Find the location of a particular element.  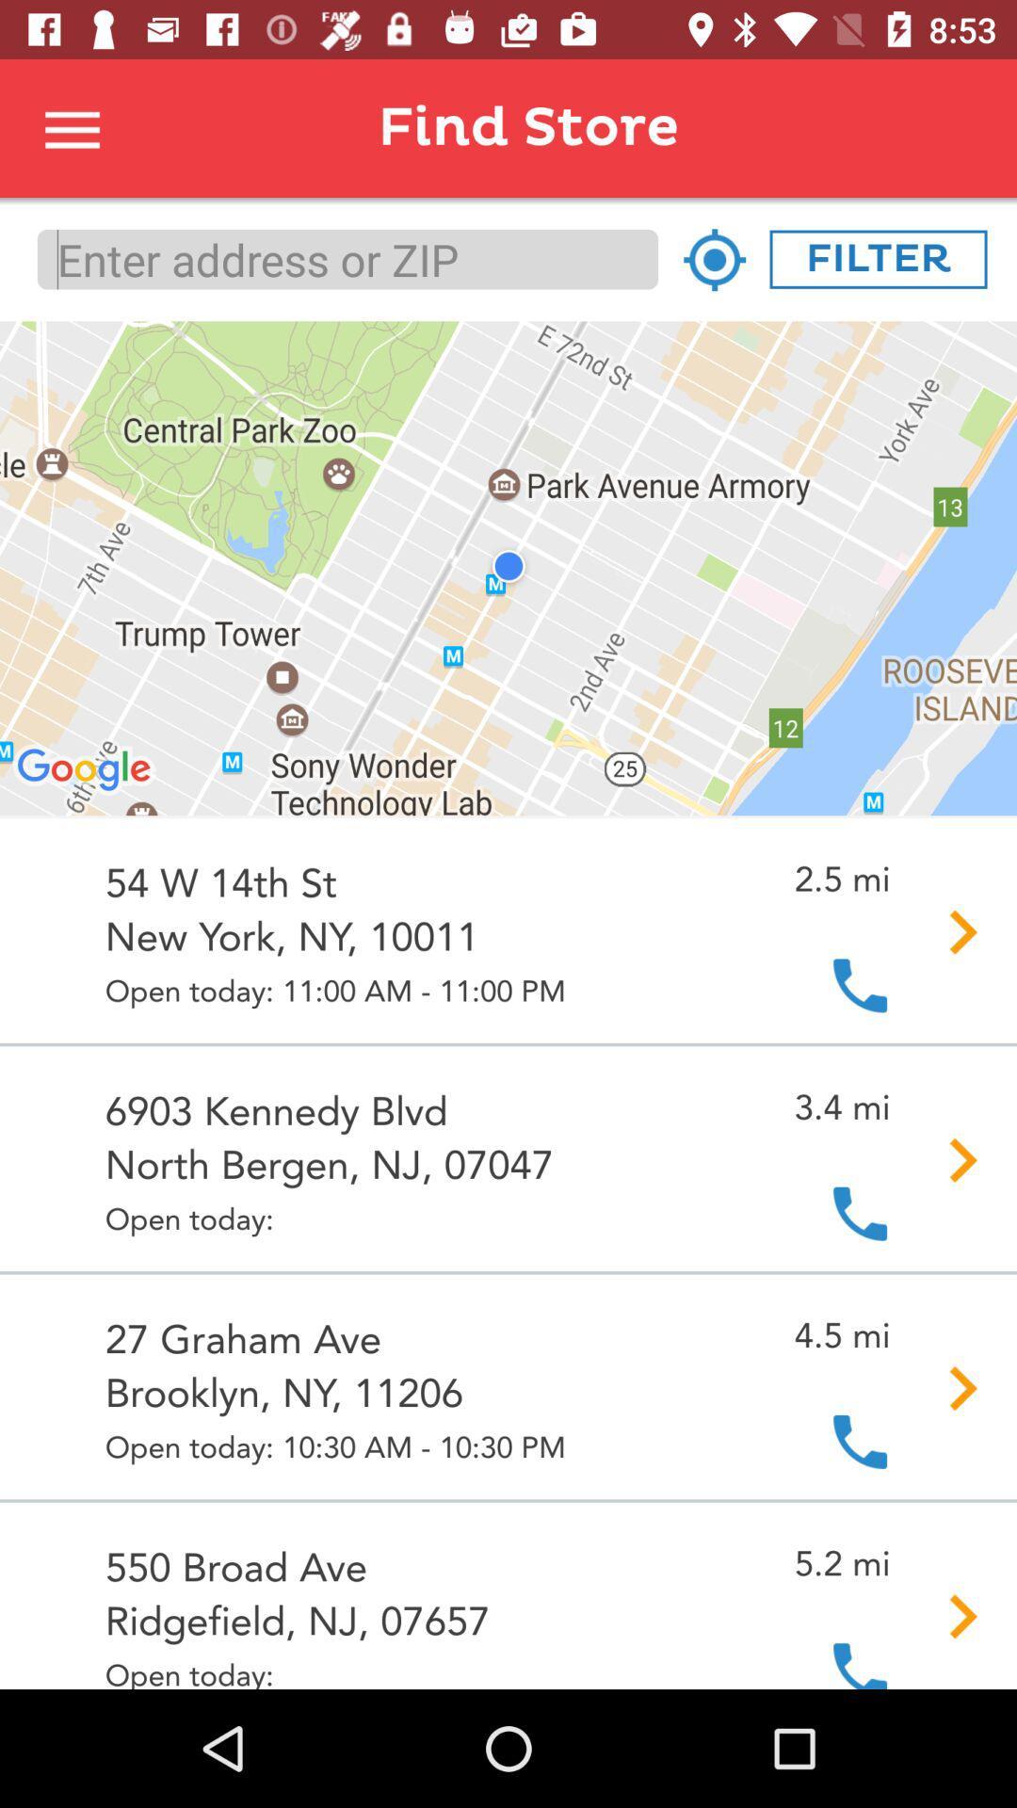

this is to select for more options or return to the menu is located at coordinates (73, 127).